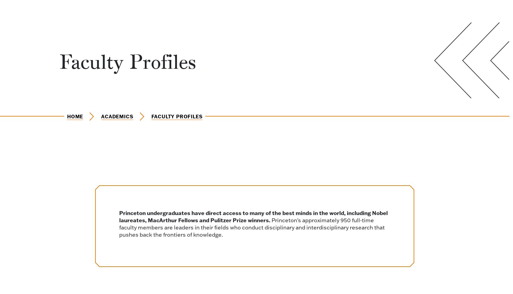 This screenshot has height=294, width=513. What do you see at coordinates (383, 30) in the screenshot?
I see `'Operations Research and Financial Engineering'` at bounding box center [383, 30].